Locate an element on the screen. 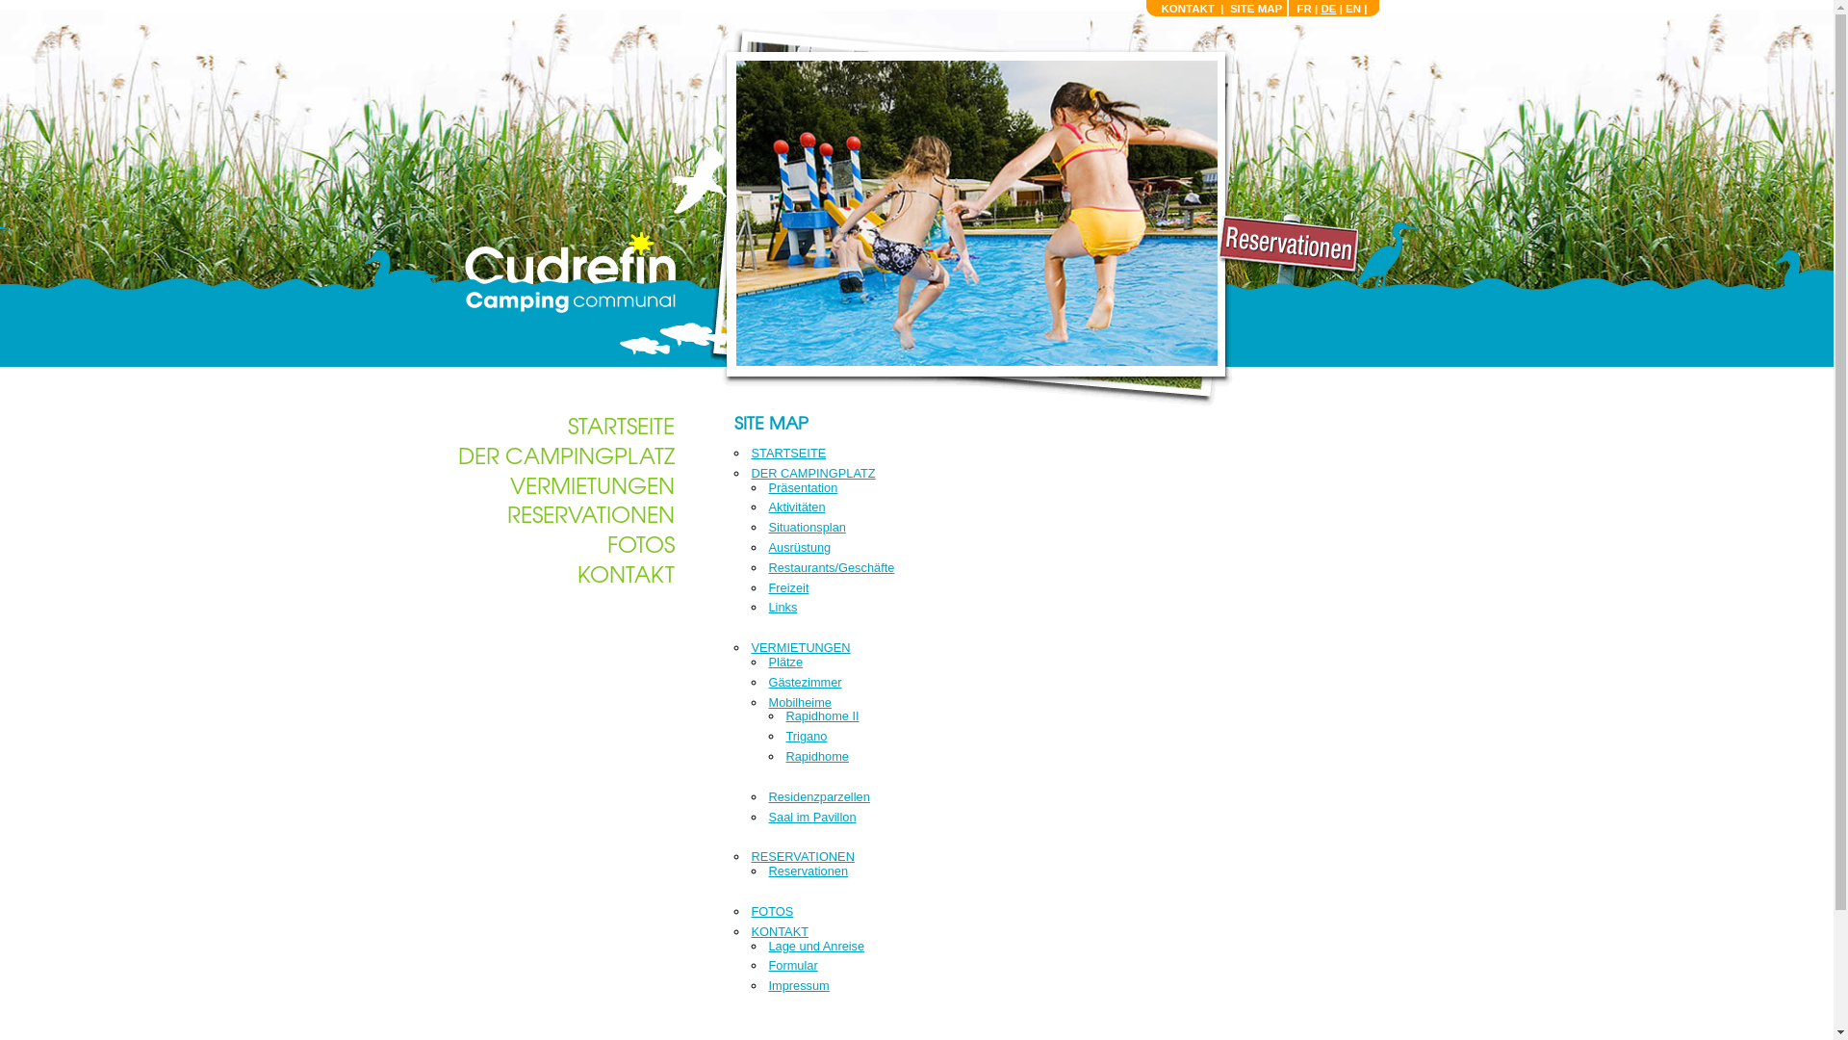 The width and height of the screenshot is (1848, 1040). 'FOTOS' is located at coordinates (771, 910).